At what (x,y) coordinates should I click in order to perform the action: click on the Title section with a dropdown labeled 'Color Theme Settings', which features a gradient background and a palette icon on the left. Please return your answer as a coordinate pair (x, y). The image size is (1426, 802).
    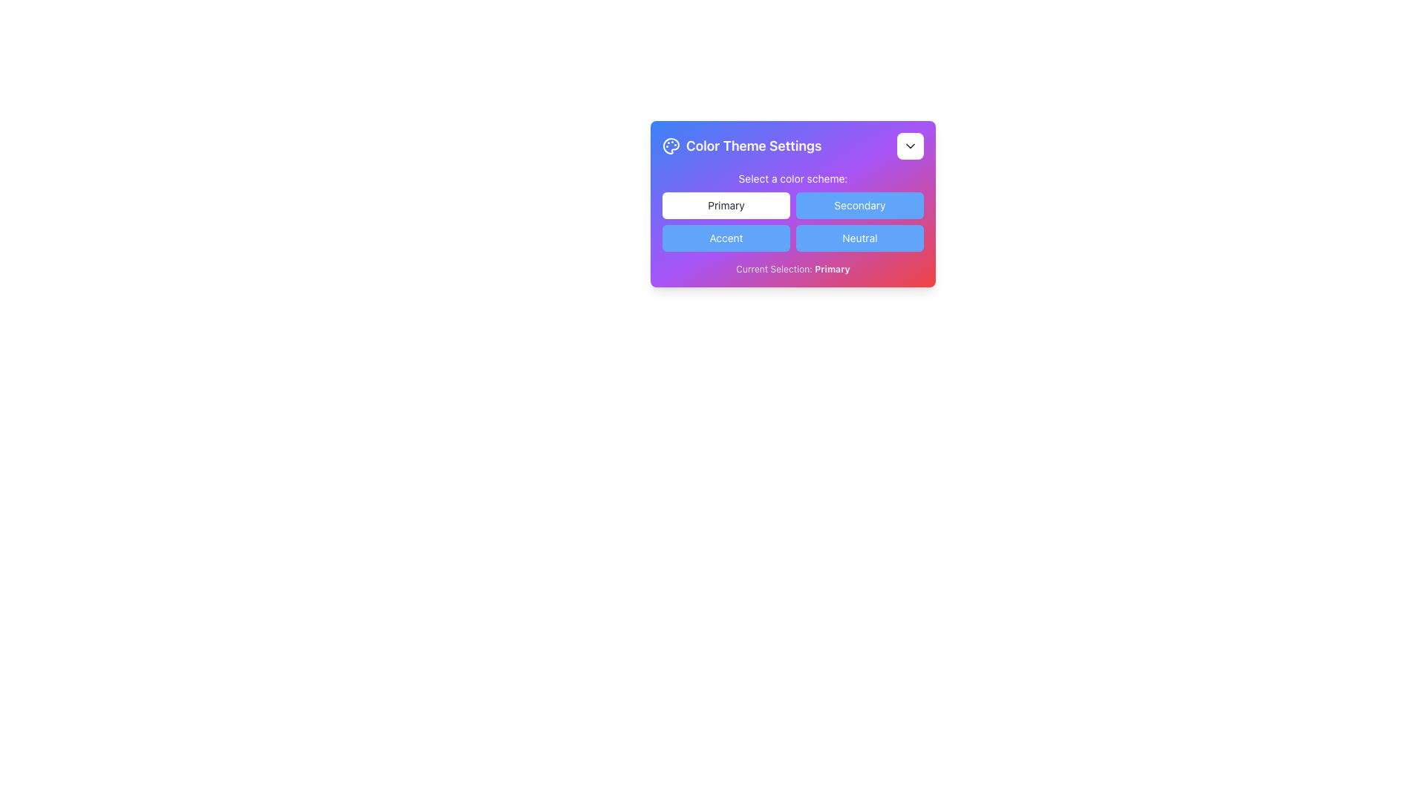
    Looking at the image, I should click on (792, 146).